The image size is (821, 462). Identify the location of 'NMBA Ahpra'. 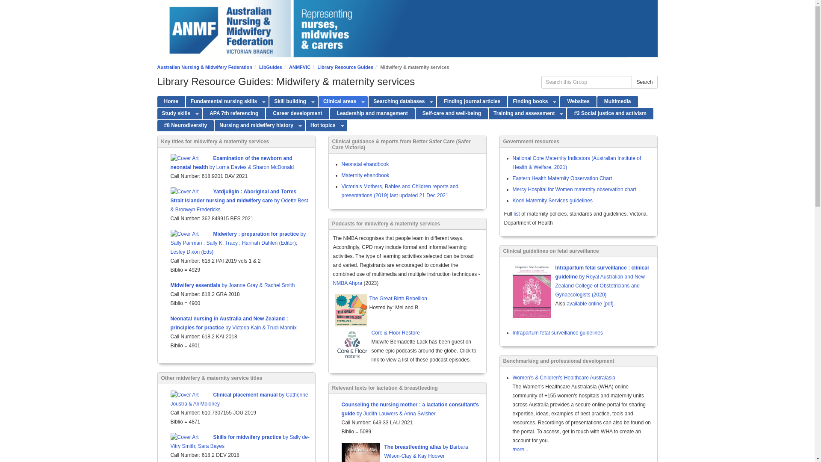
(347, 283).